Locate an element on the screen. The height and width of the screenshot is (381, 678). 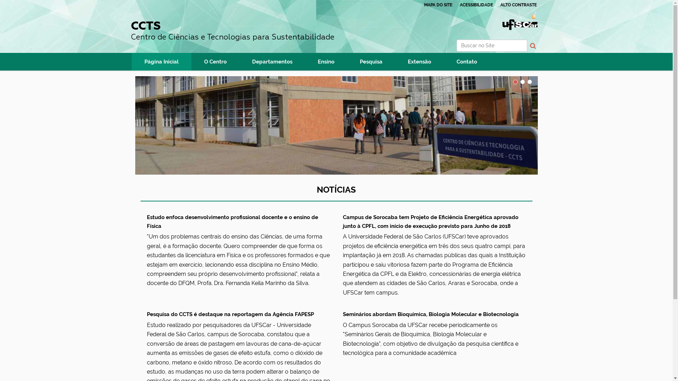
'Ensino' is located at coordinates (326, 61).